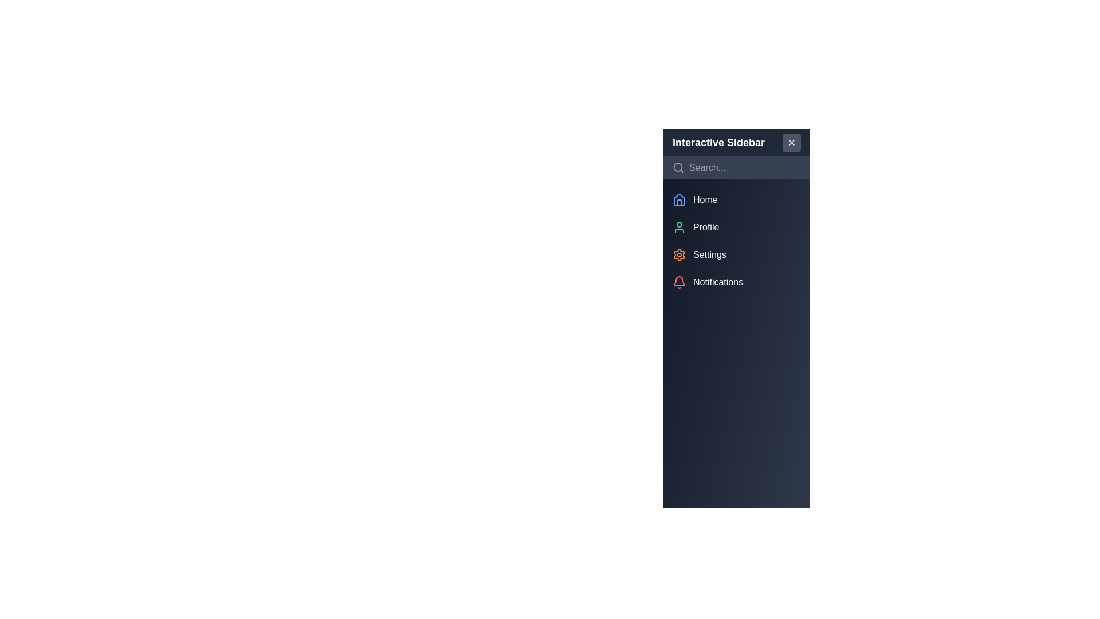  I want to click on the profile icon in the sidebar menu, which is a green line-art styled user profile outline located to the left of the 'Profile' text label, so click(679, 228).